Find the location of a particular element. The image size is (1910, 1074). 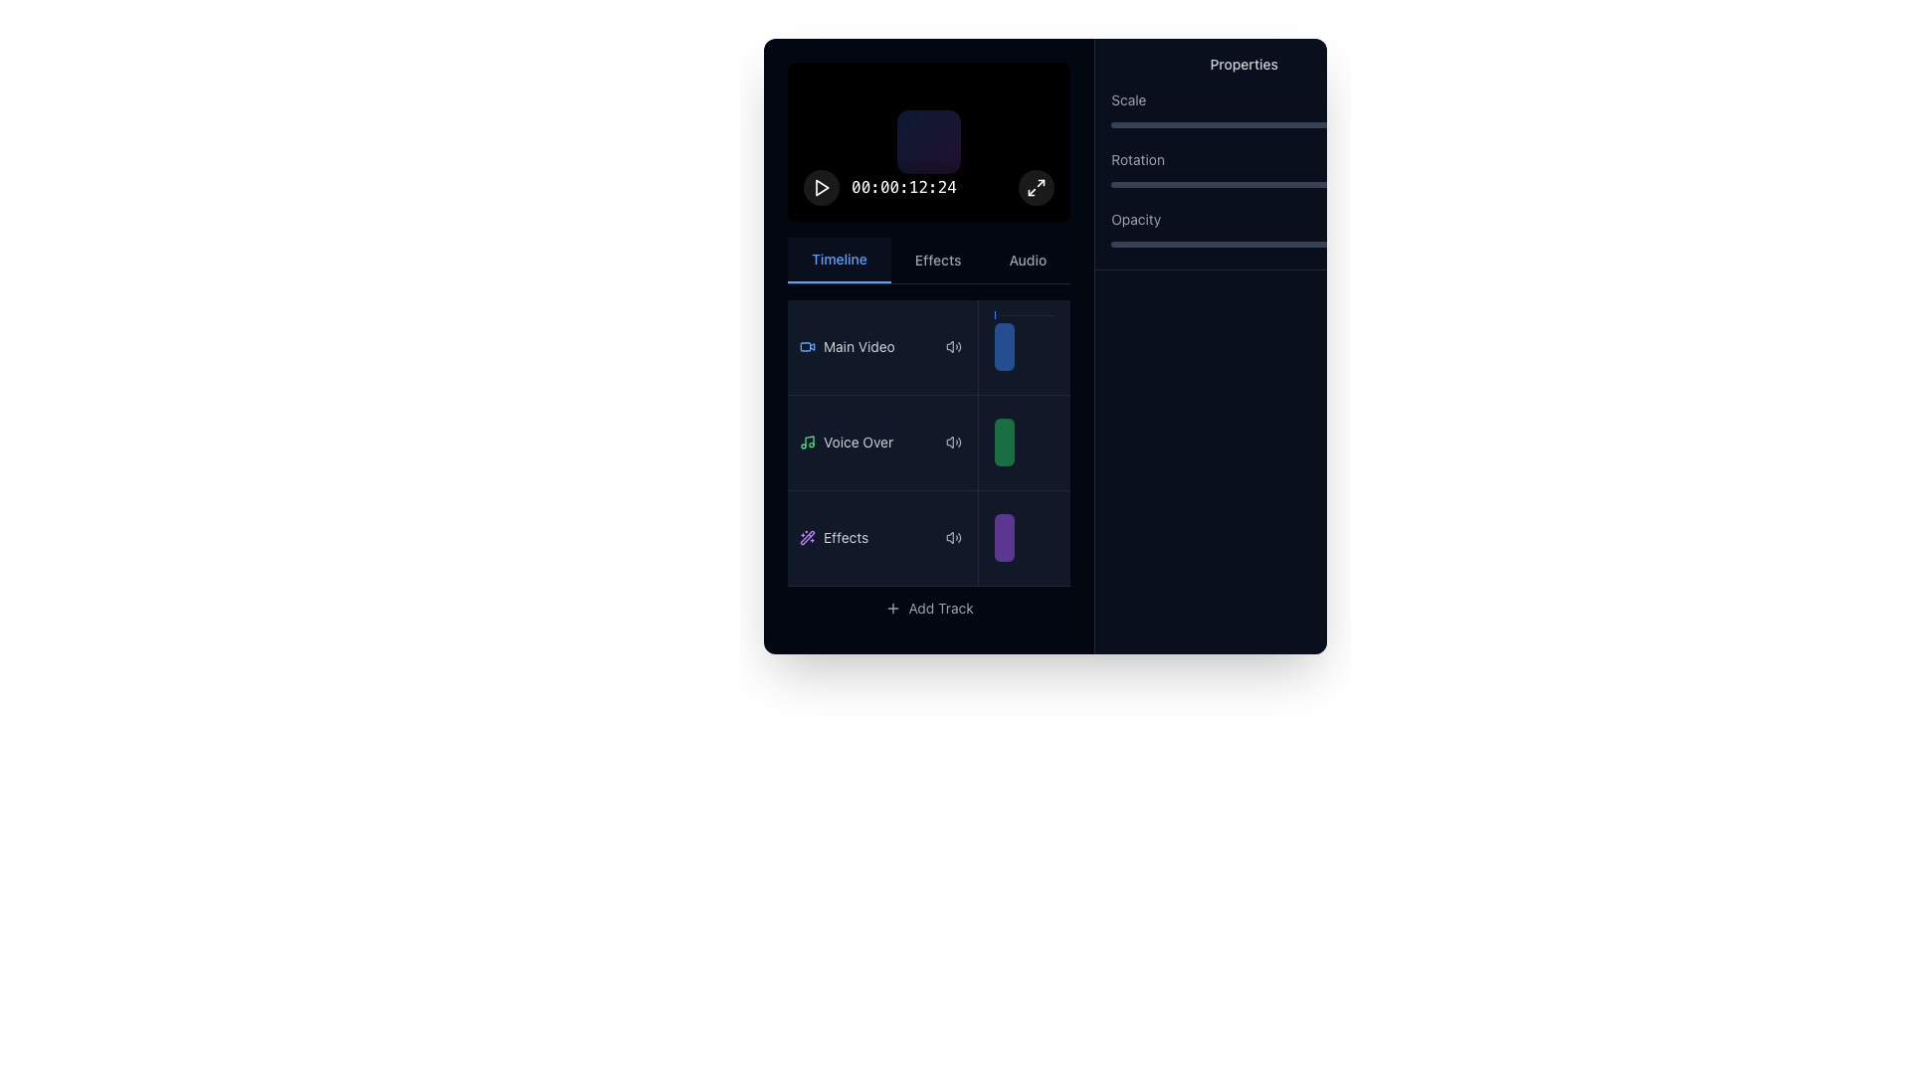

the 'Rotation' label that is light gray, sans-serif font, located in the 'Properties' panel below 'Scale' and above 'Opacity' is located at coordinates (1138, 159).